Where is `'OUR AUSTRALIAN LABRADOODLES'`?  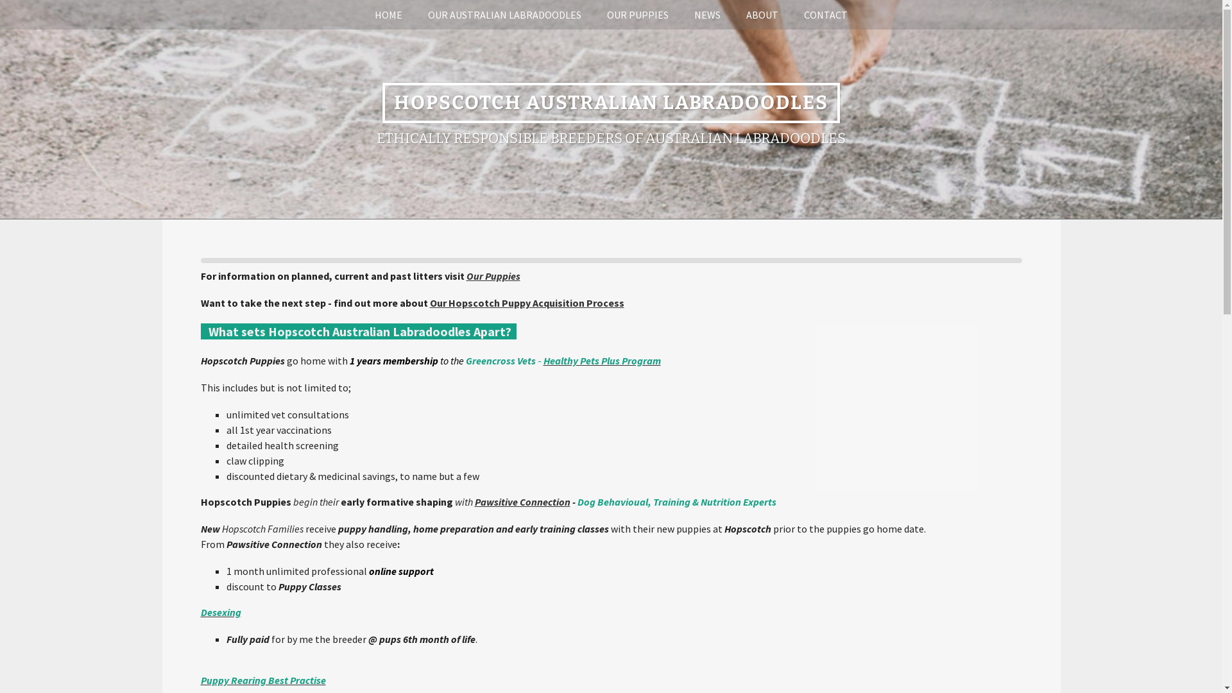 'OUR AUSTRALIAN LABRADOODLES' is located at coordinates (504, 15).